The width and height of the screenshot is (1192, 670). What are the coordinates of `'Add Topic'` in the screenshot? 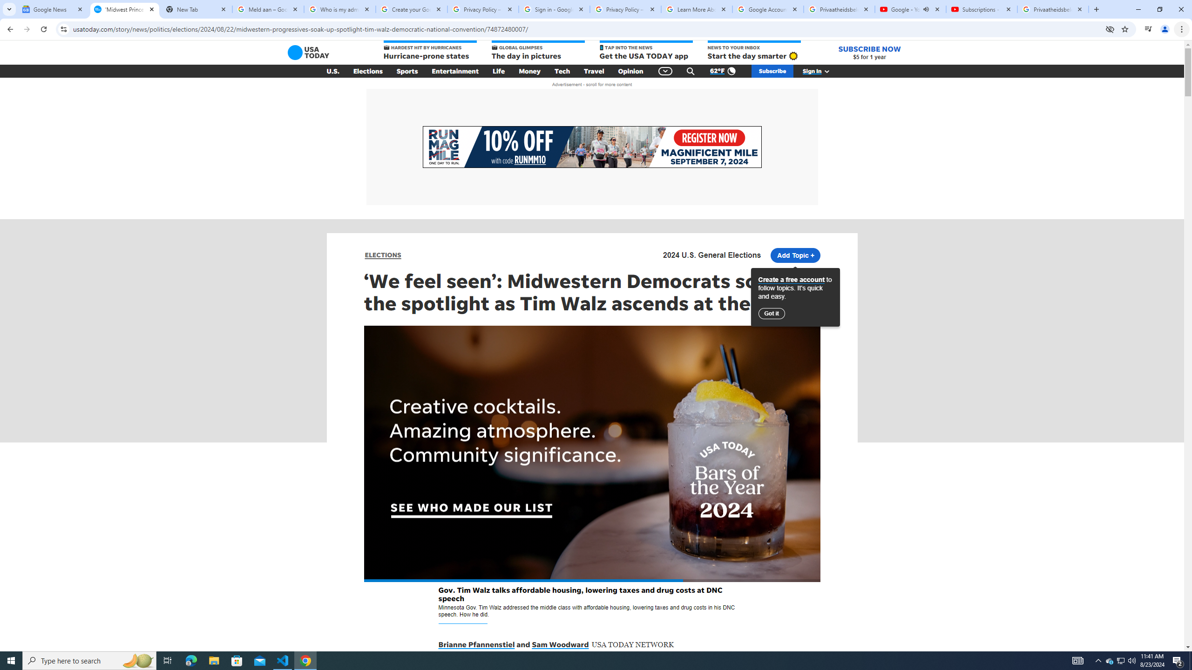 It's located at (795, 255).